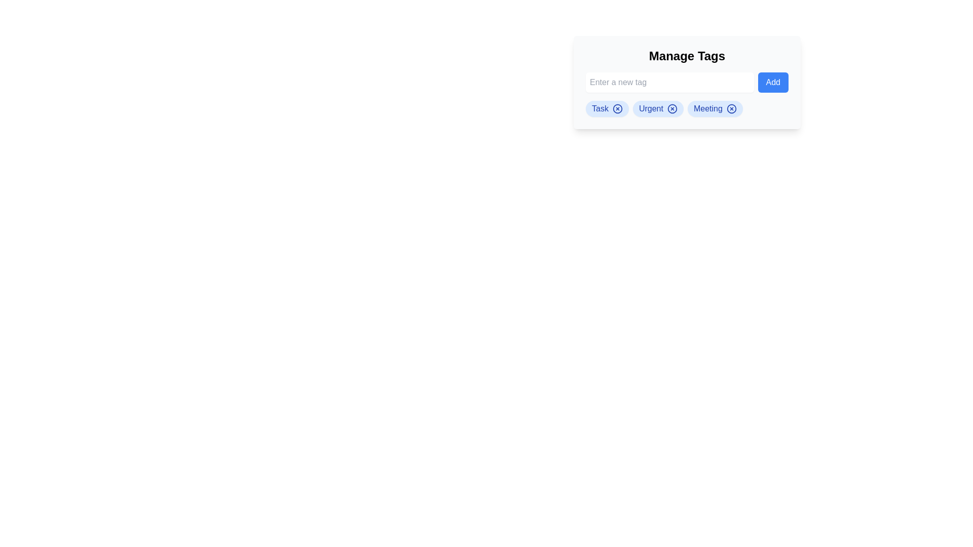  I want to click on the small circular button with a blue border and red background containing a white 'X' symbol, located within the 'Meeting' label chip, to potentially display a tooltip, so click(731, 109).